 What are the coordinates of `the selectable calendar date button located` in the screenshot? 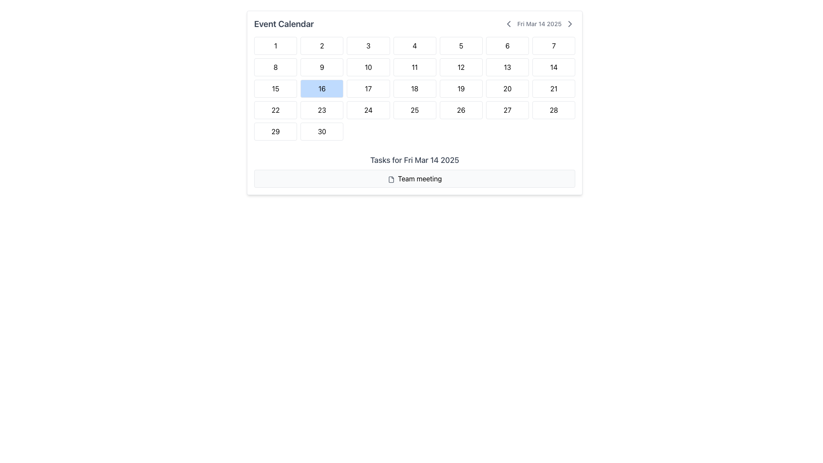 It's located at (415, 110).